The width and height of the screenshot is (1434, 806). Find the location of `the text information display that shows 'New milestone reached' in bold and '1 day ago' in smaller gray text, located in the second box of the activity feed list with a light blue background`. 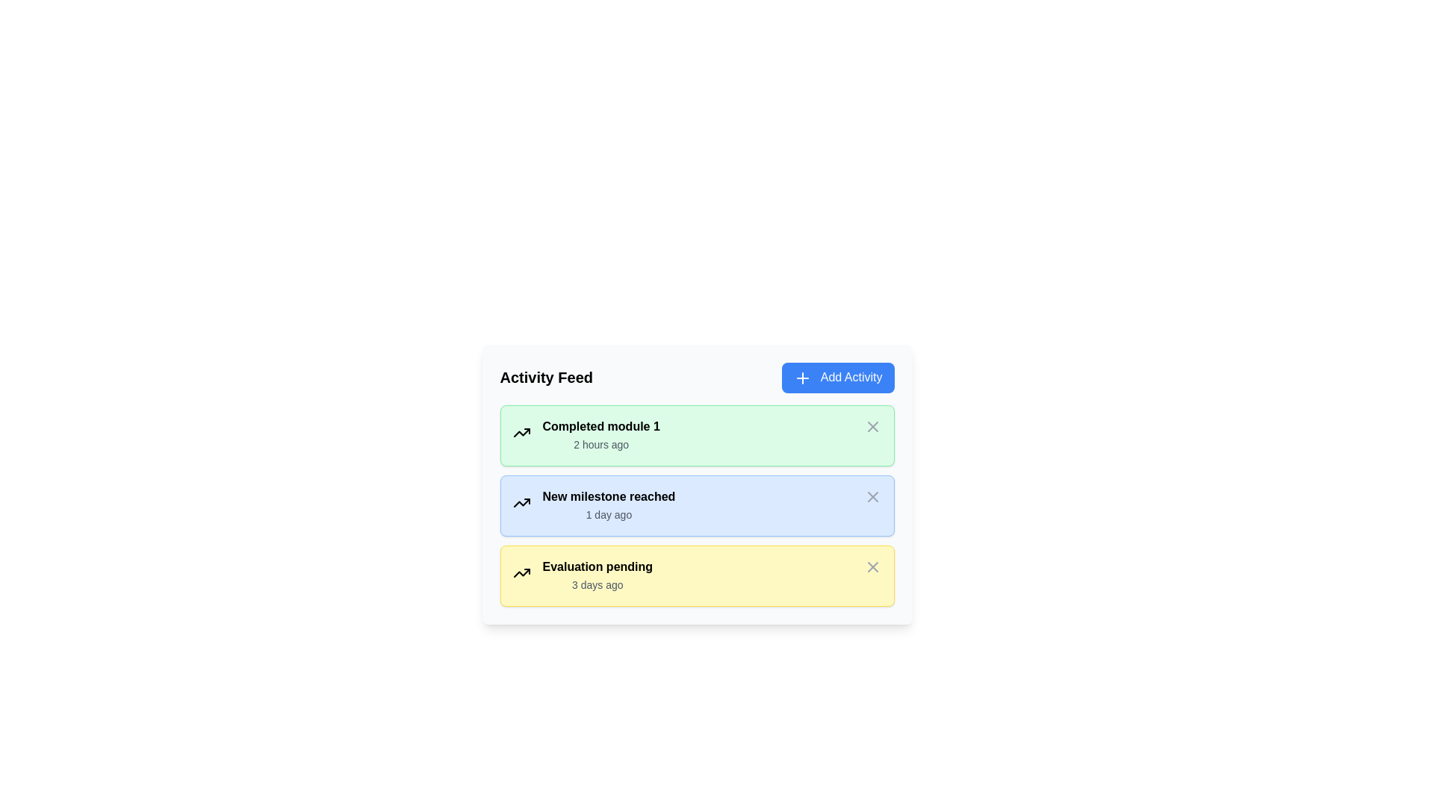

the text information display that shows 'New milestone reached' in bold and '1 day ago' in smaller gray text, located in the second box of the activity feed list with a light blue background is located at coordinates (609, 504).